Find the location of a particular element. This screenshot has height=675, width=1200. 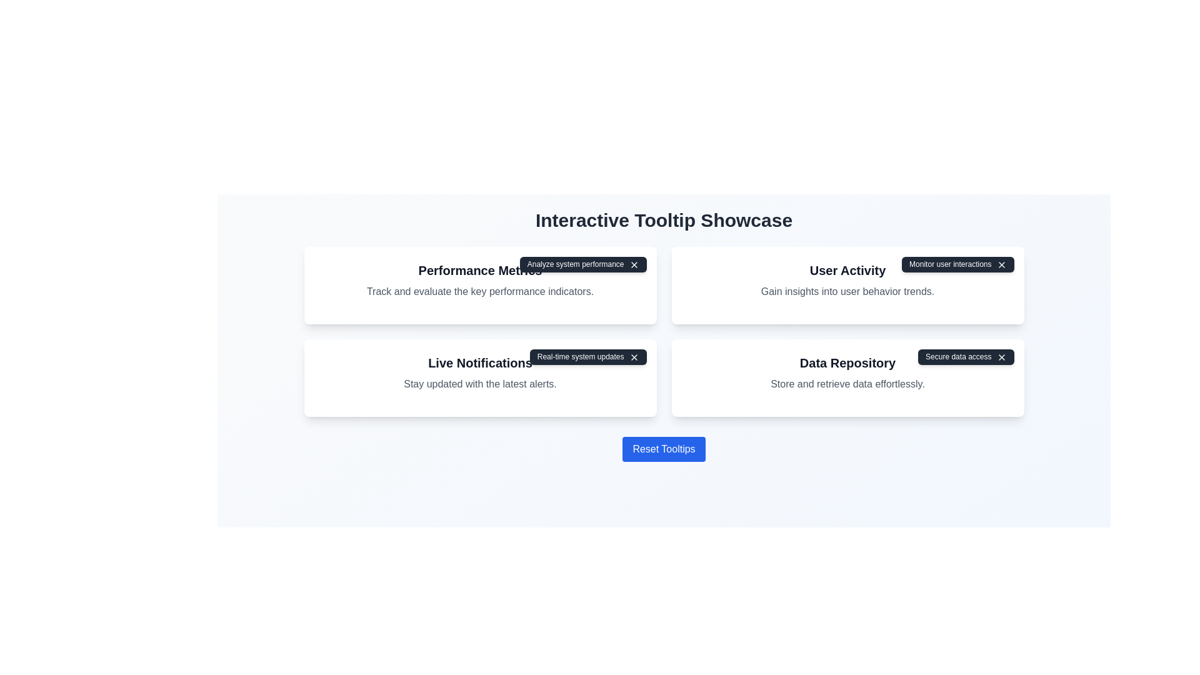

the 'User Activity' Information card, which is a white rectangular card with rounded corners and a dark title at the top, located in the top-right quadrant of the grid layout is located at coordinates (847, 285).